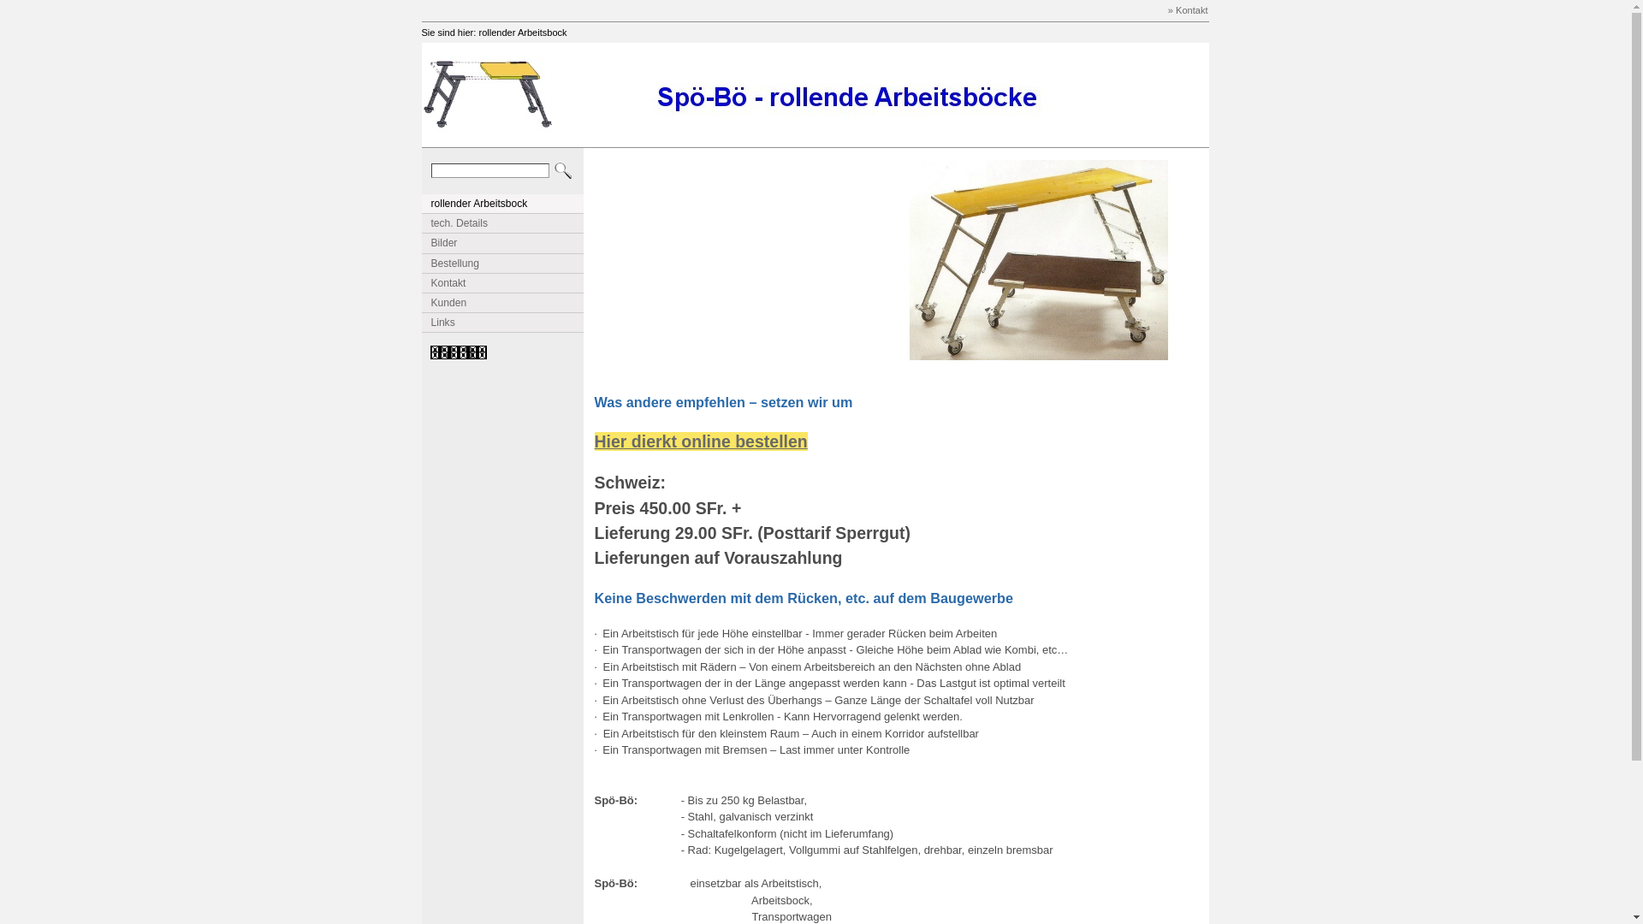 This screenshot has width=1643, height=924. Describe the element at coordinates (501, 282) in the screenshot. I see `'Kontakt'` at that location.